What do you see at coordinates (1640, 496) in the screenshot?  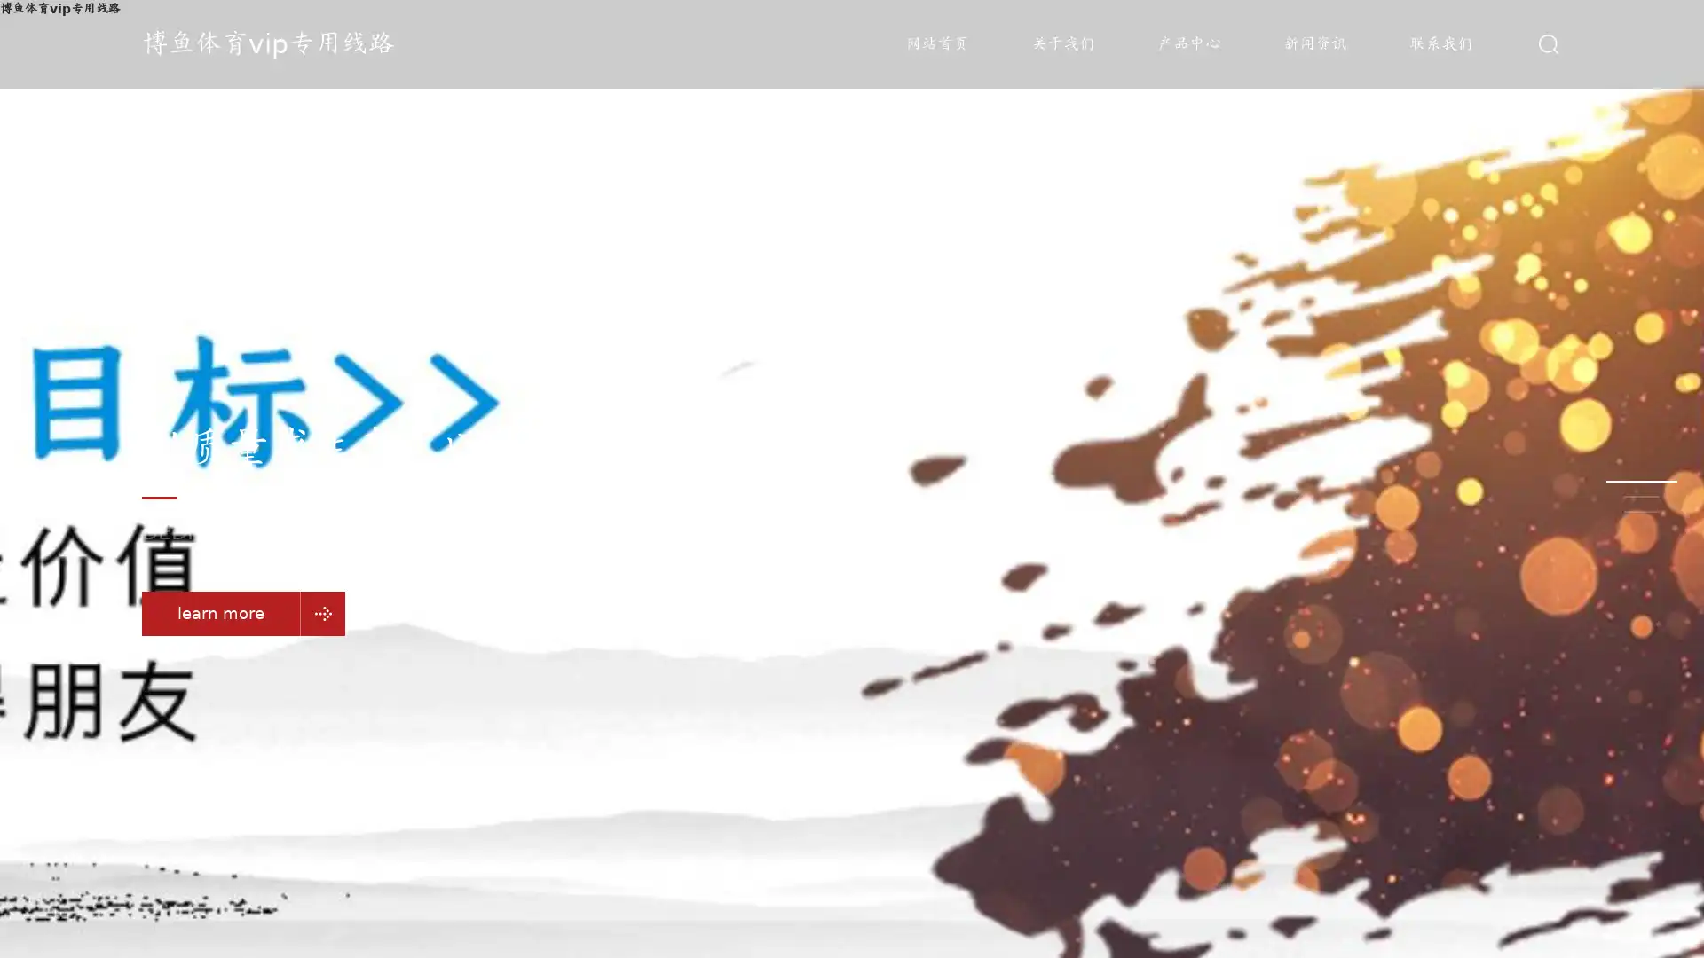 I see `Go to slide 2` at bounding box center [1640, 496].